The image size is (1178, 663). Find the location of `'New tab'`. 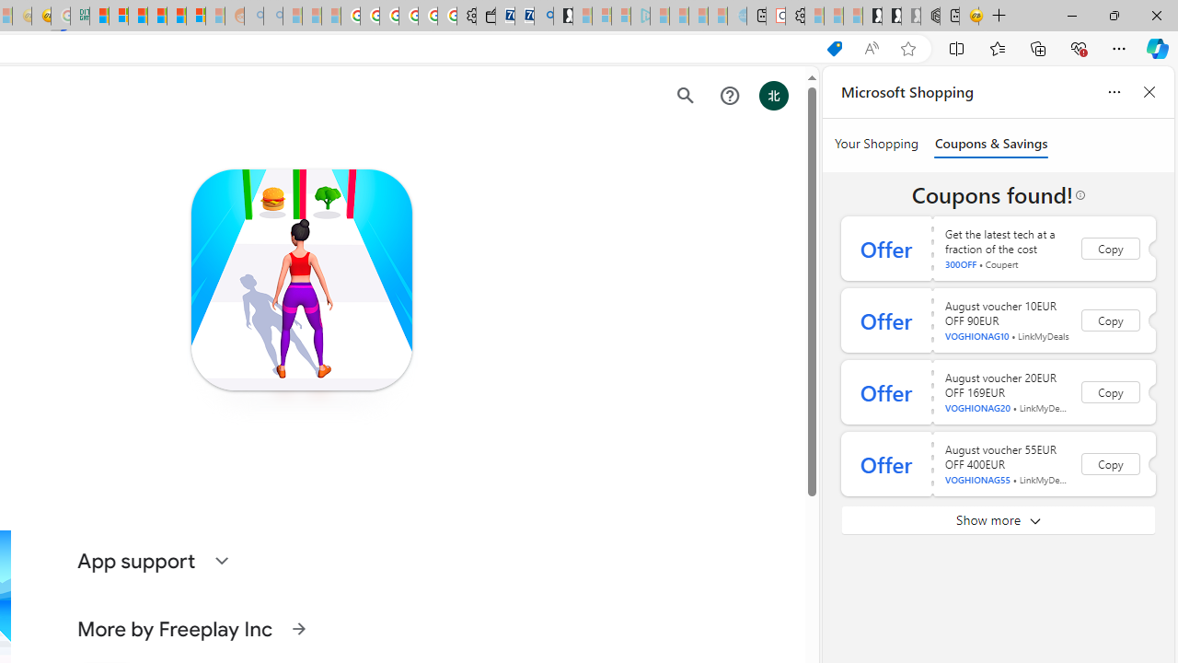

'New tab' is located at coordinates (949, 16).